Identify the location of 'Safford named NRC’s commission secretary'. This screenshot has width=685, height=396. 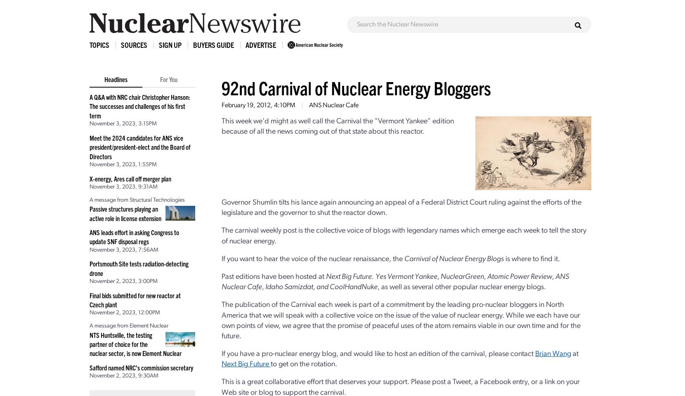
(141, 367).